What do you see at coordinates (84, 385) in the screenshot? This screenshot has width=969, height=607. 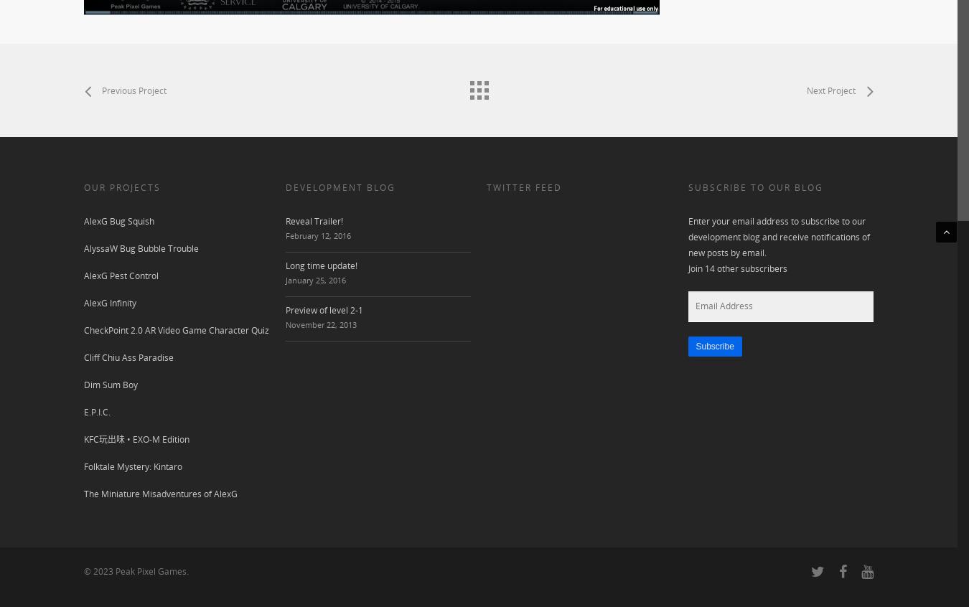 I see `'Dim Sum Boy'` at bounding box center [84, 385].